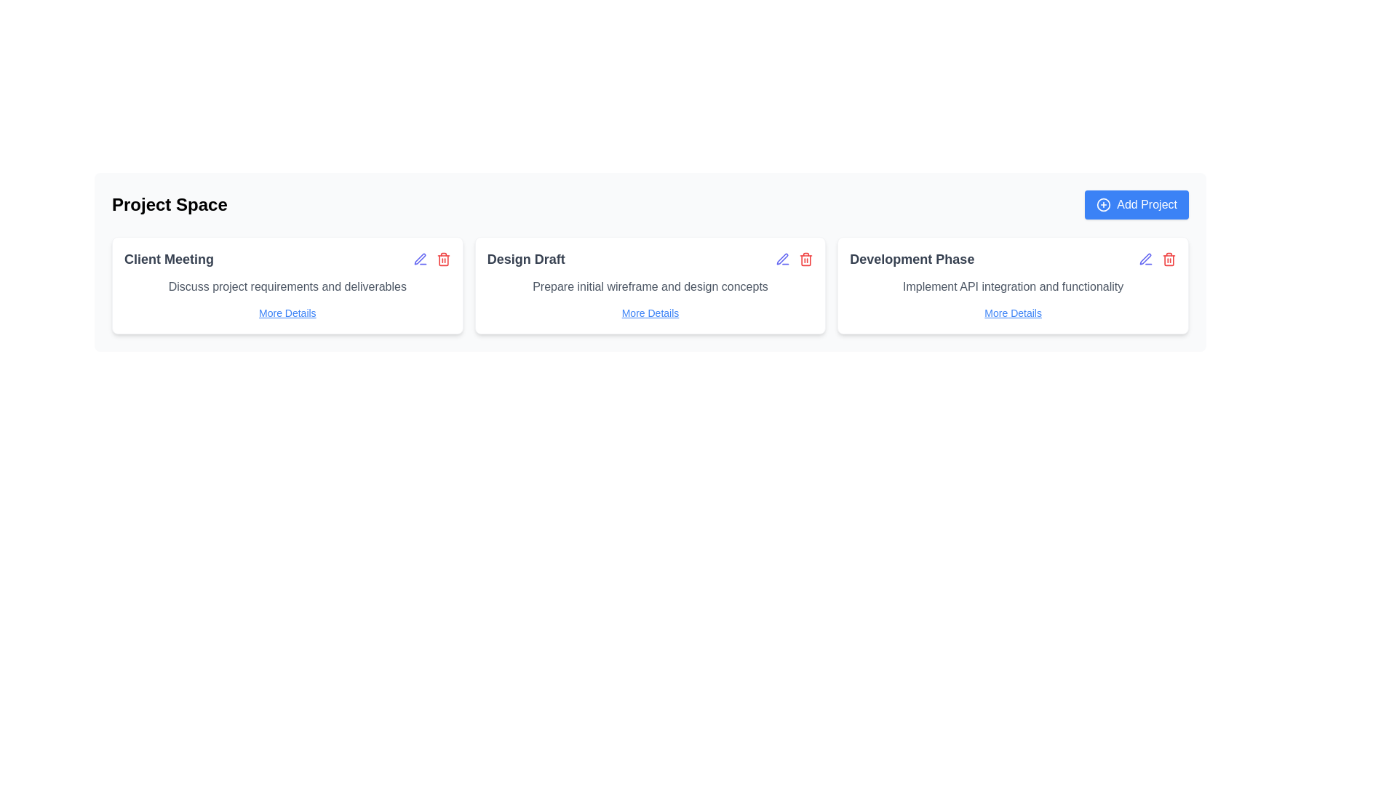 Image resolution: width=1397 pixels, height=785 pixels. I want to click on the blue underlined text hyperlink reading 'More Details' located at the bottom section of the 'Client Meeting' card, under the text 'Discuss project requirements and deliverables.', so click(287, 313).